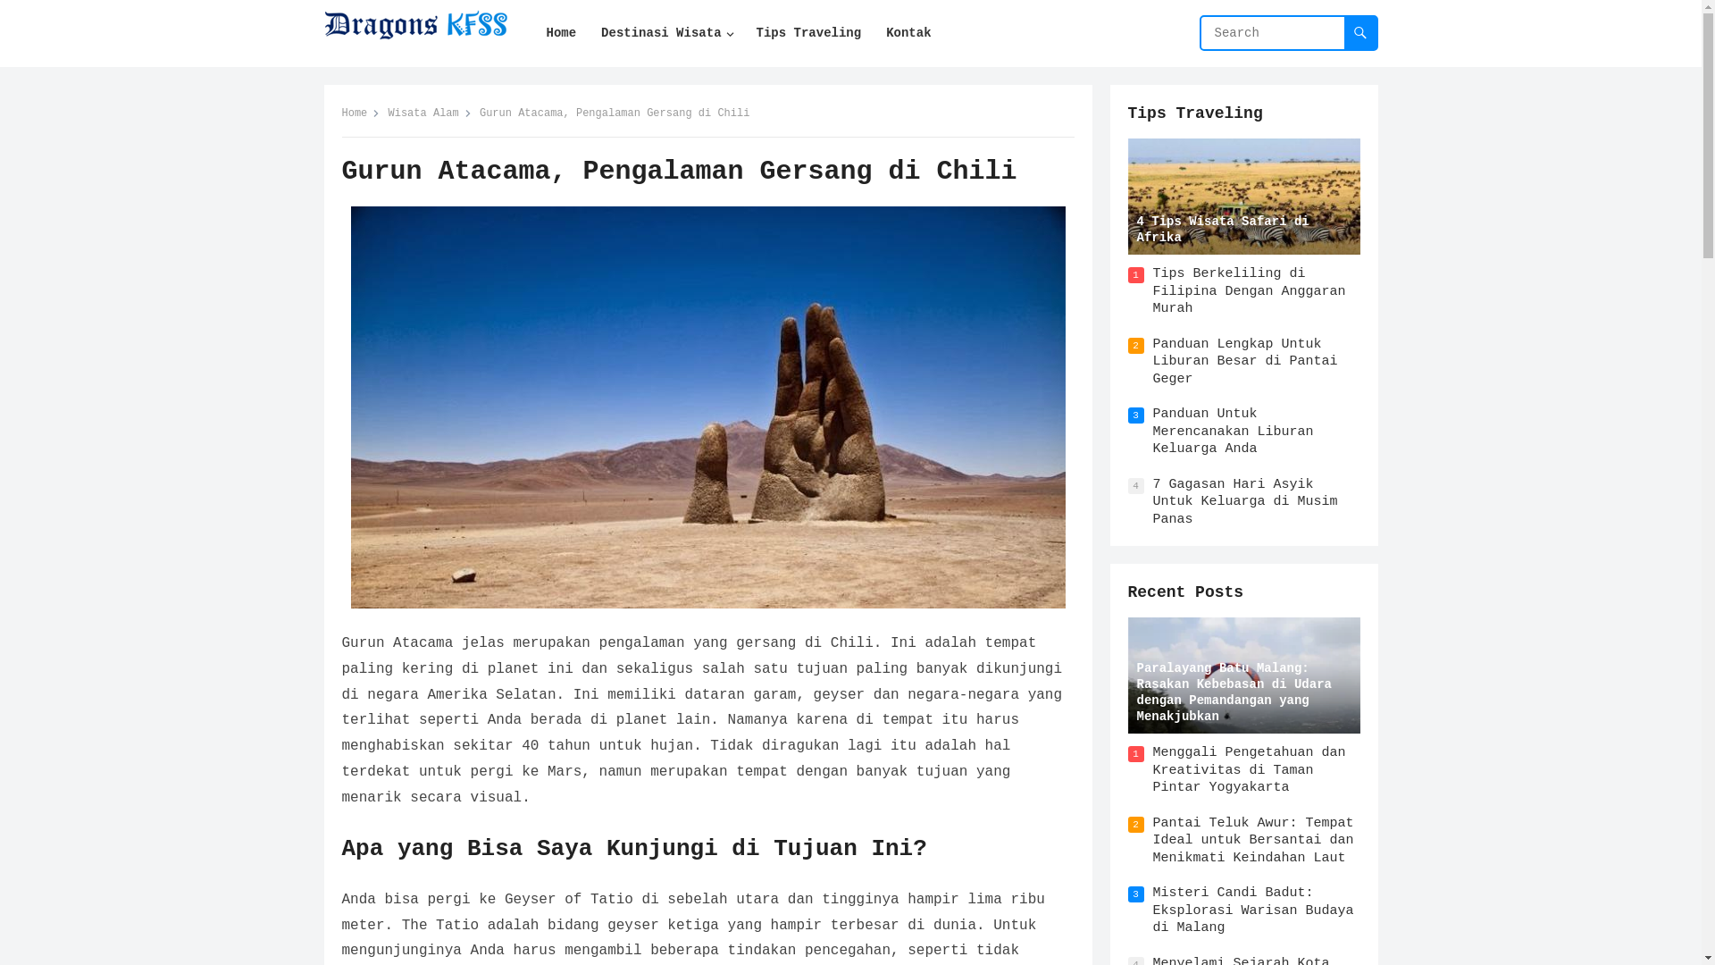  I want to click on 'Kontak', so click(874, 33).